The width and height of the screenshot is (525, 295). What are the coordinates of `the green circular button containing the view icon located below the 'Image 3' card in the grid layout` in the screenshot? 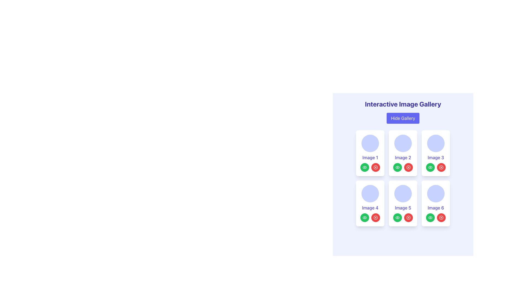 It's located at (430, 167).